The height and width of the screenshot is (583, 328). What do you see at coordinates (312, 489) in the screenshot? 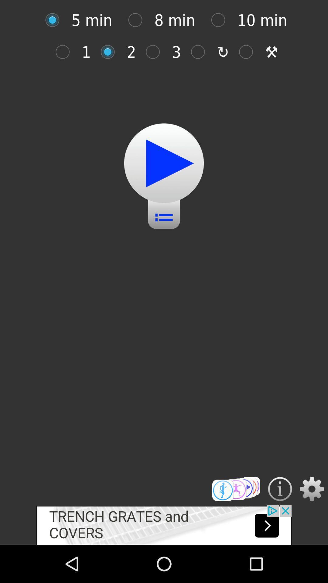
I see `open settings` at bounding box center [312, 489].